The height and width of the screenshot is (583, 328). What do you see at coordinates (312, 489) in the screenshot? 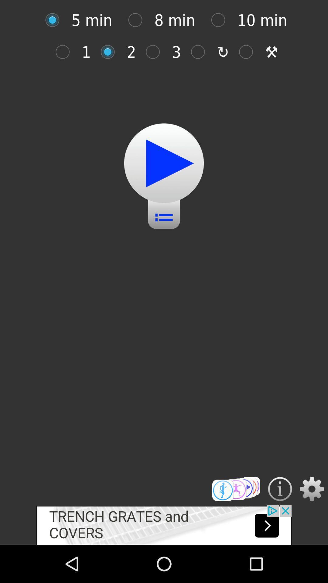
I see `open settings` at bounding box center [312, 489].